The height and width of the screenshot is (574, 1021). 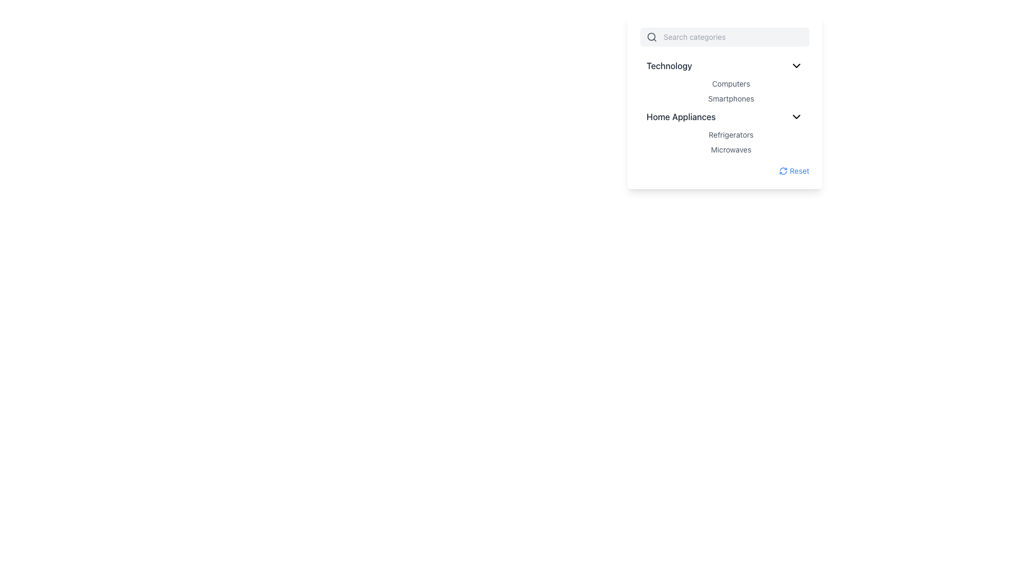 I want to click on the 'Reset' button located at the bottom-right of the filtering category options, featuring an icon of a circular arrow and styled in blue, so click(x=794, y=170).